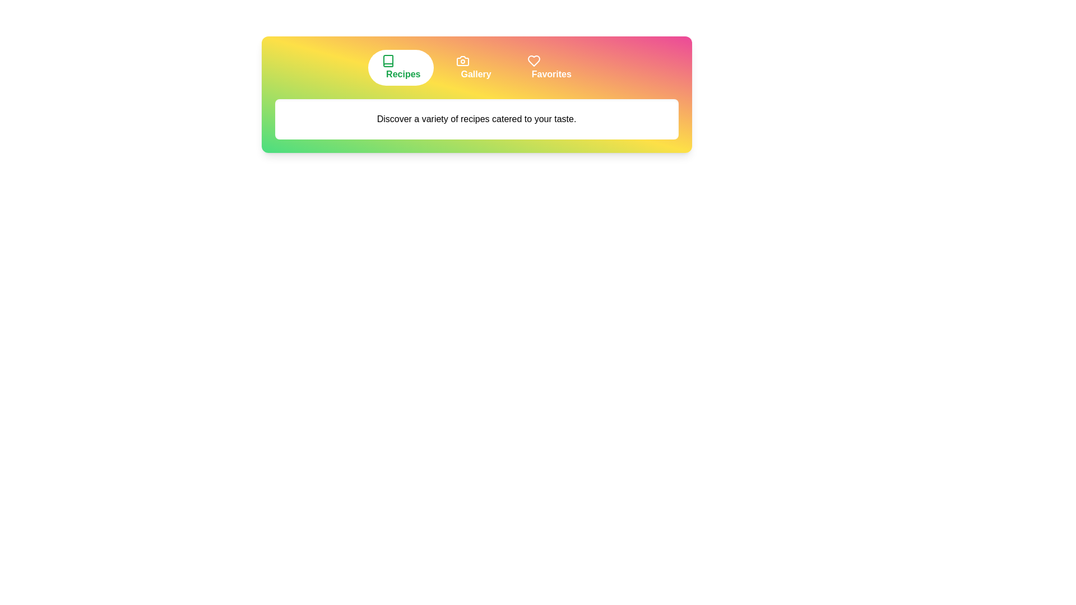  Describe the element at coordinates (549, 67) in the screenshot. I see `the Favorites button to activate it` at that location.